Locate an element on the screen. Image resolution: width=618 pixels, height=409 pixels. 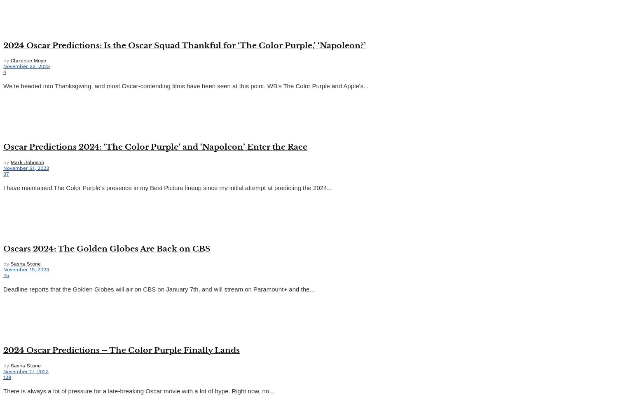
'We're headed into Thanksgiving, and most Oscar-contending films have been seen at this point. WB's The Color Purple and Apple's...' is located at coordinates (3, 86).